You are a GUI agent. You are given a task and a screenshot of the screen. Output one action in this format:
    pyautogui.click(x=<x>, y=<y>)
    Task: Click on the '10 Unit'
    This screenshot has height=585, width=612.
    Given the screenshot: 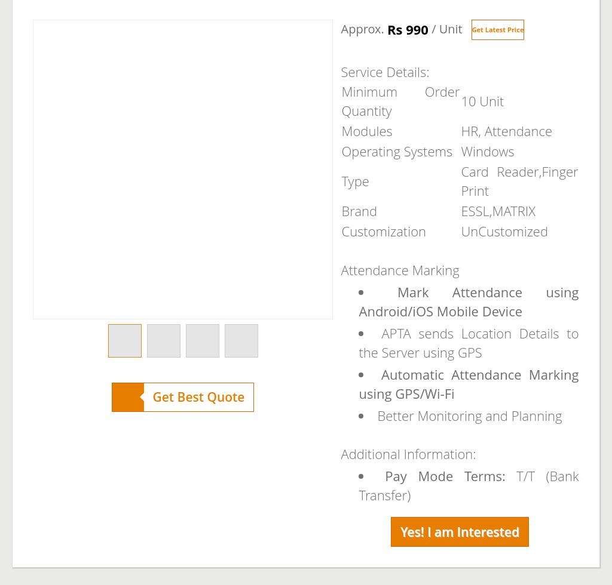 What is the action you would take?
    pyautogui.click(x=482, y=100)
    